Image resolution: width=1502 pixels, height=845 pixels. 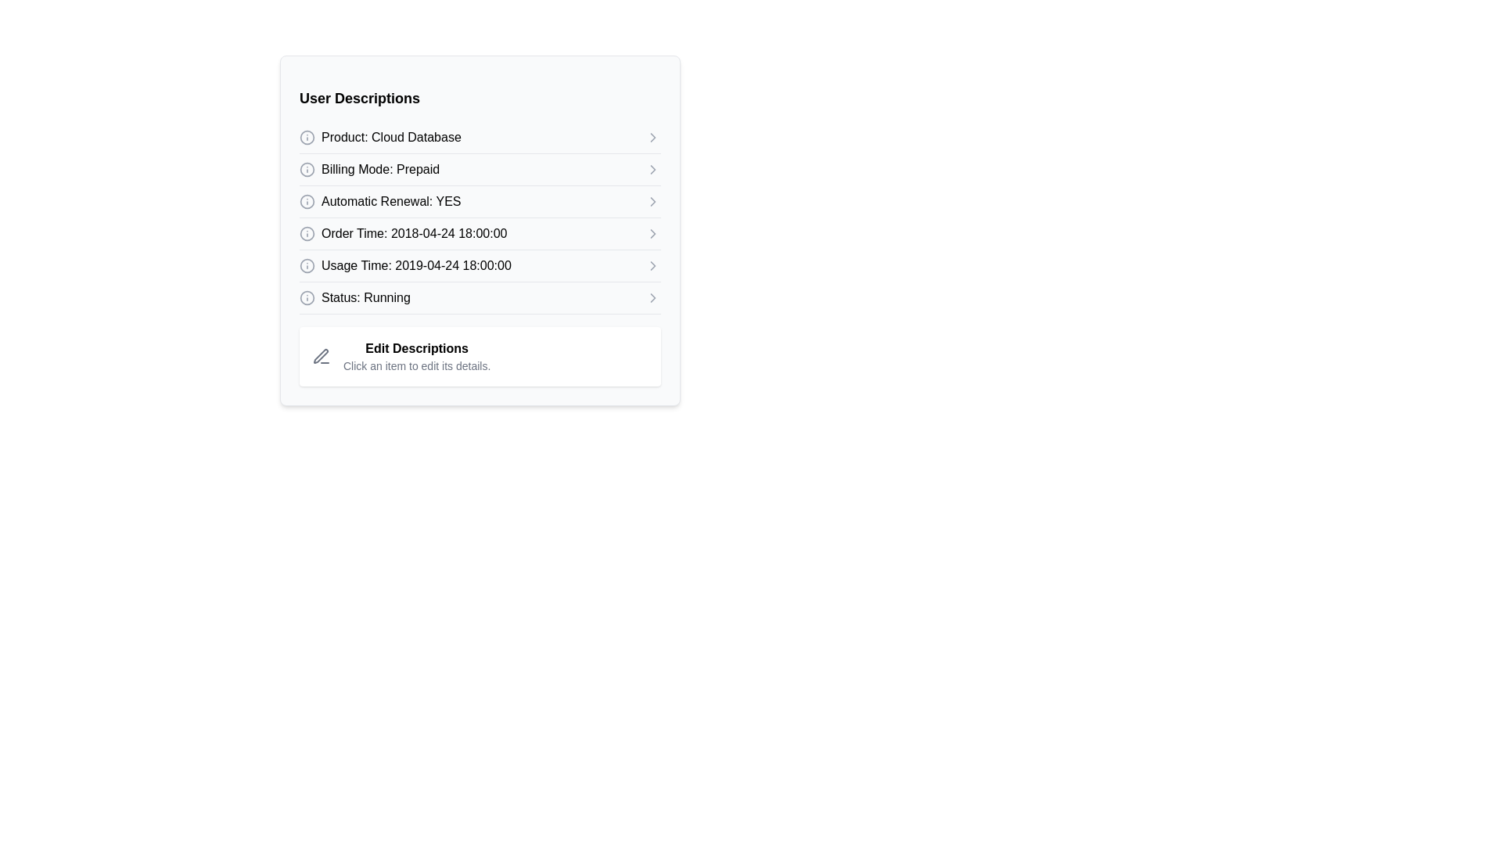 I want to click on the decorative icon positioned to the left of the text 'Automatic Renewal: YES' for more information, so click(x=307, y=201).